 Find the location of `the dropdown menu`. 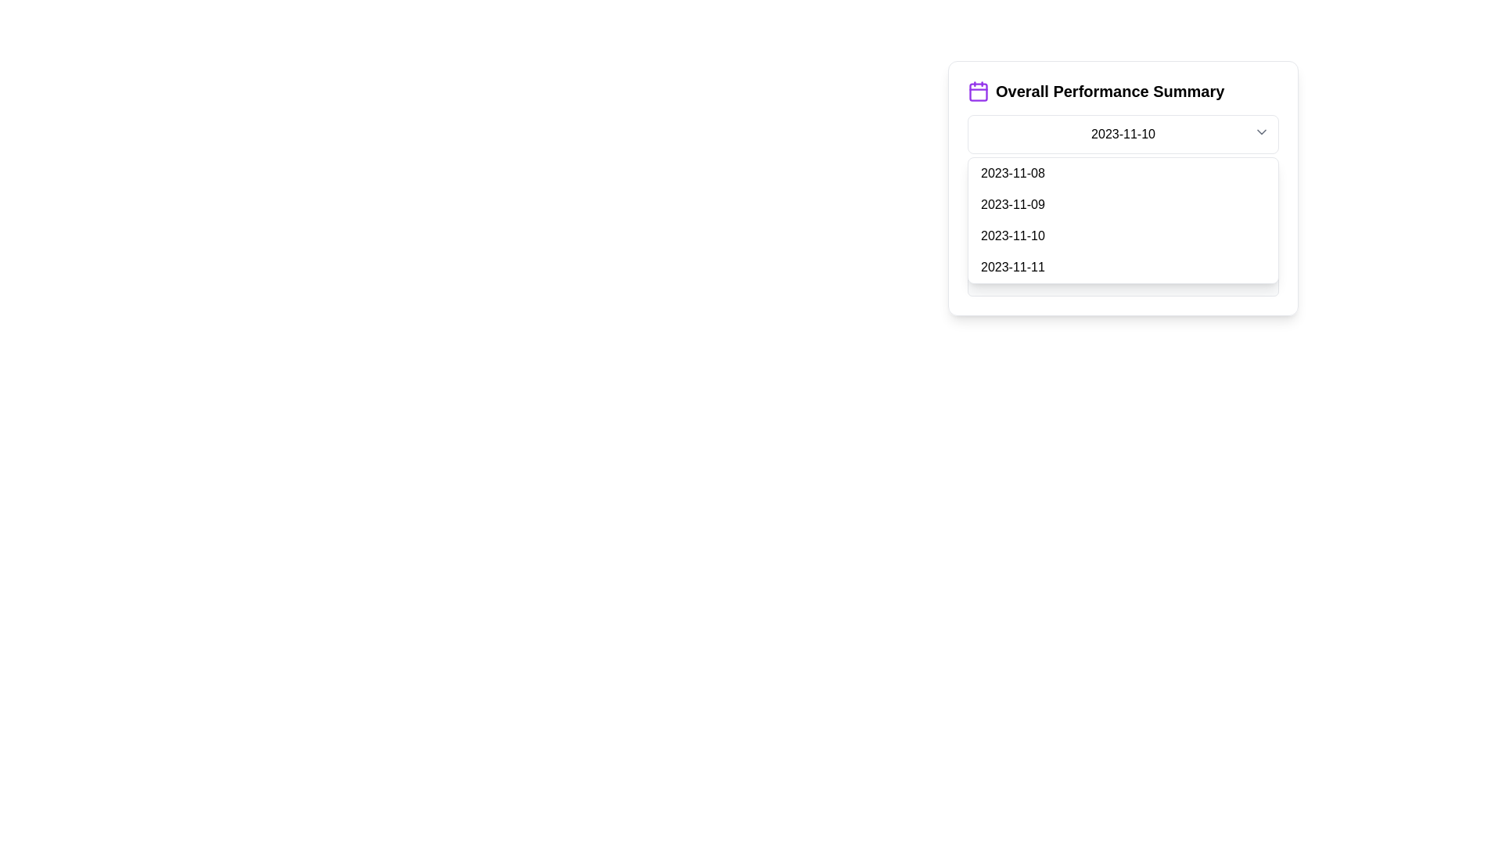

the dropdown menu is located at coordinates (1122, 220).